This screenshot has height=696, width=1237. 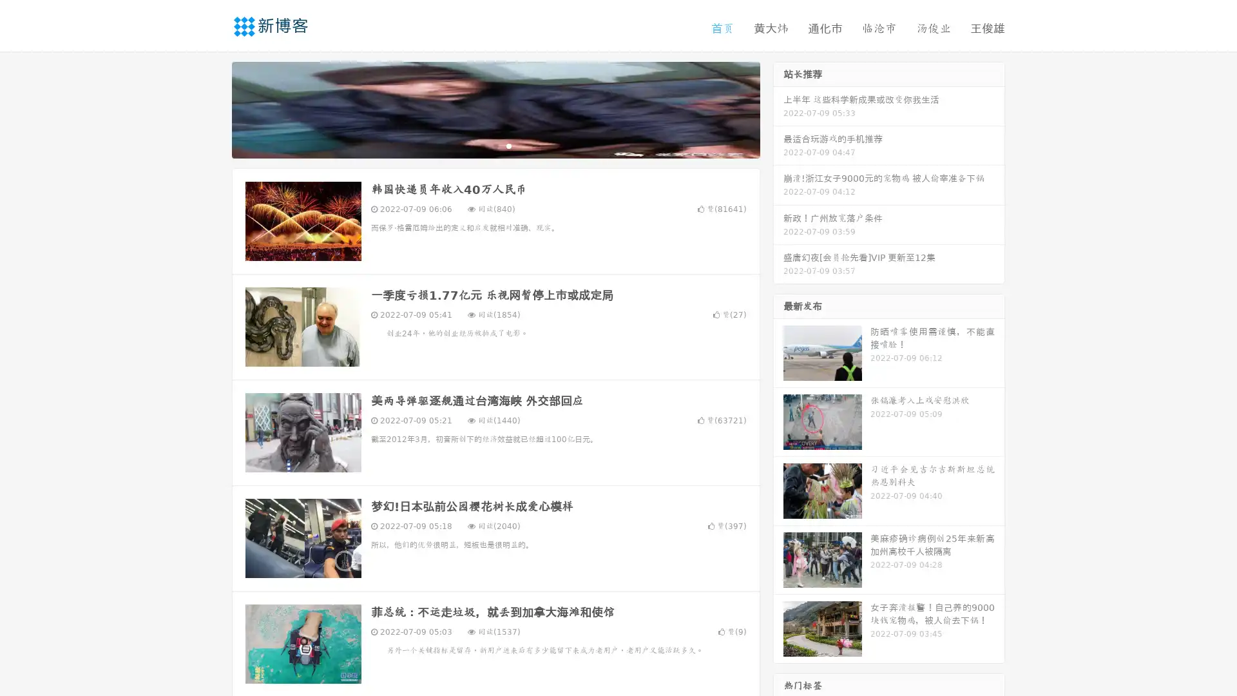 I want to click on Previous slide, so click(x=213, y=108).